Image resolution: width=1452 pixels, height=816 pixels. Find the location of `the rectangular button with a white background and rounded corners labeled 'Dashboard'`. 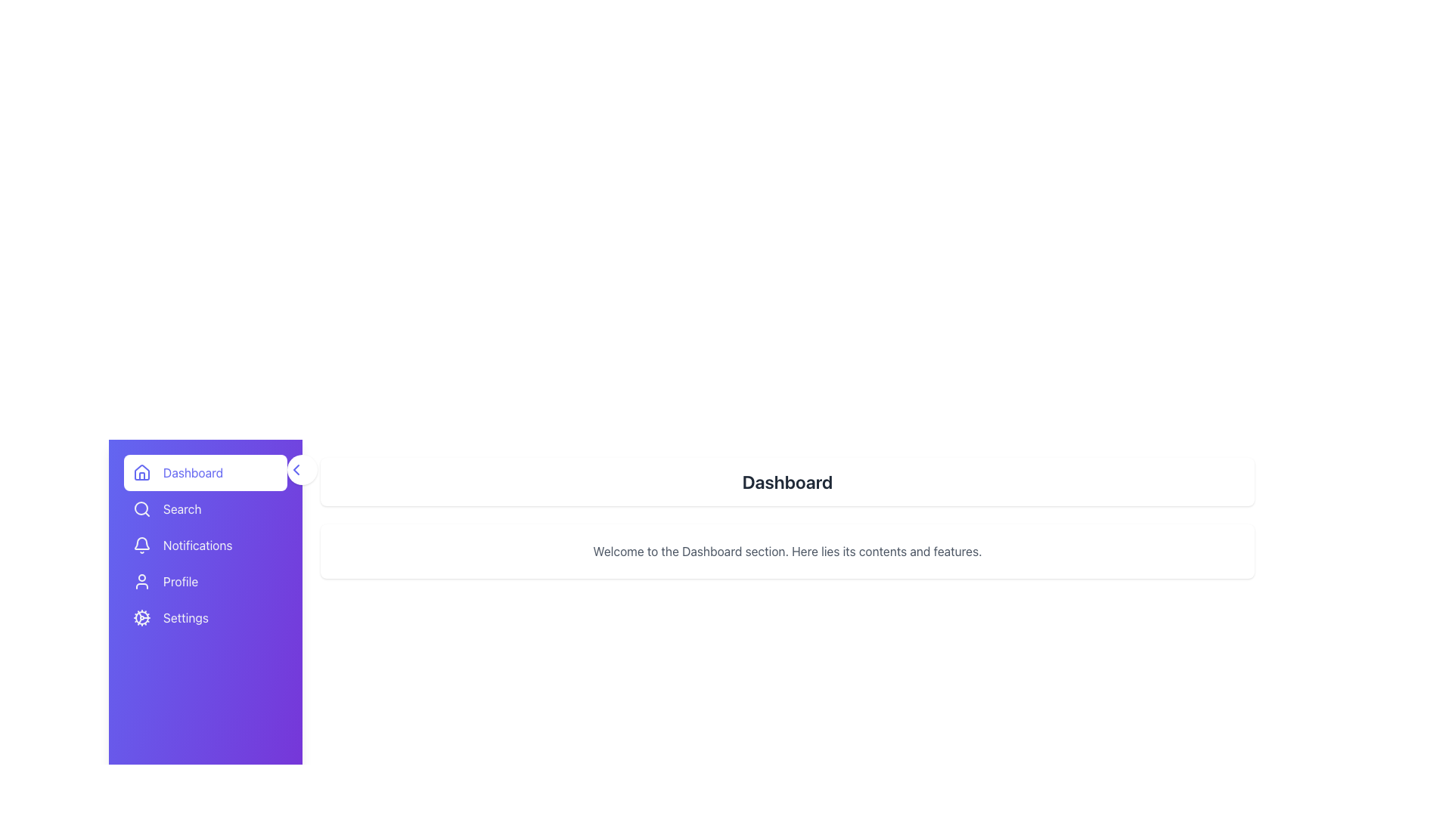

the rectangular button with a white background and rounded corners labeled 'Dashboard' is located at coordinates (205, 471).